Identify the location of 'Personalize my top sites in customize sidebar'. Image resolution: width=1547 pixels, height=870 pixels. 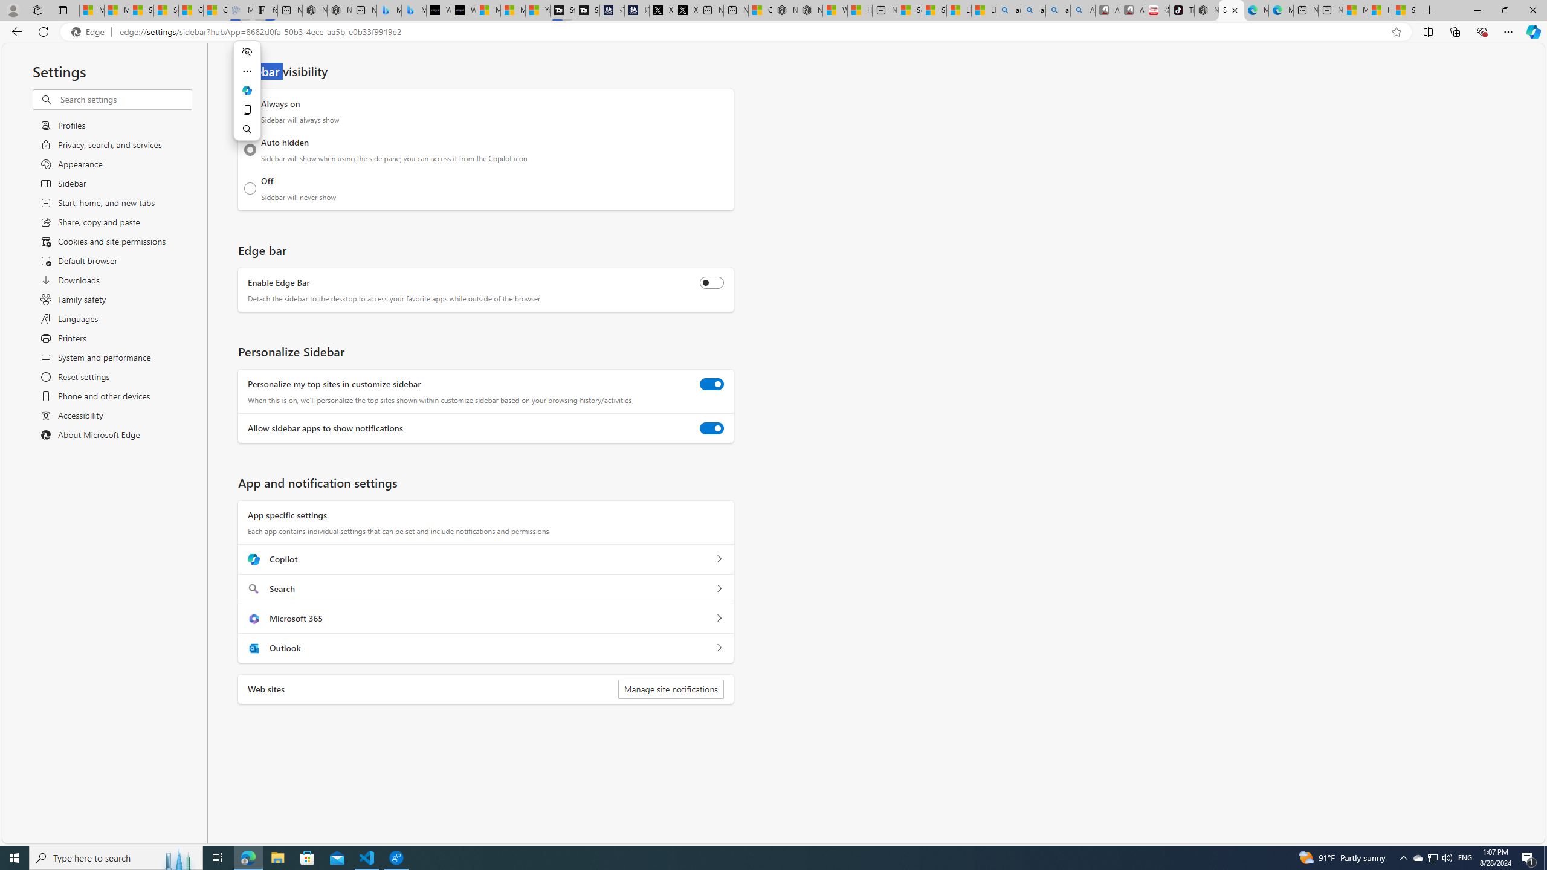
(711, 384).